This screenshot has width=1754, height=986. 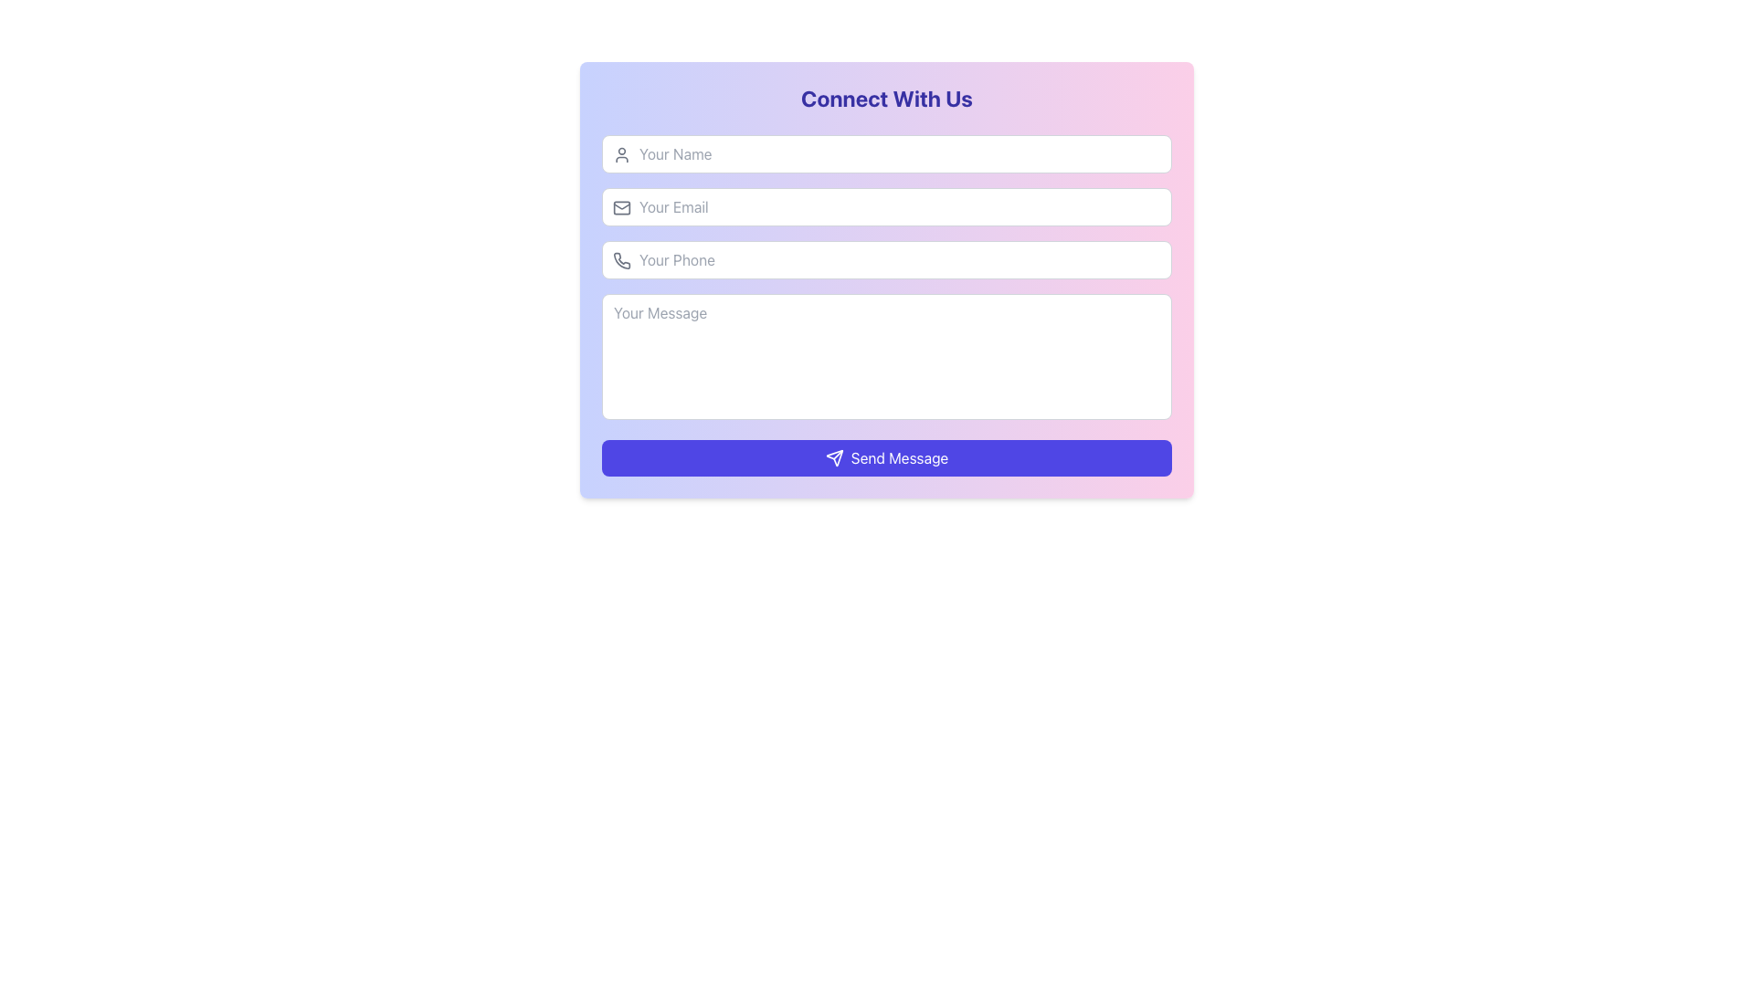 I want to click on email envelope icon, which is part of the second input field labeled 'Your Email', so click(x=622, y=205).